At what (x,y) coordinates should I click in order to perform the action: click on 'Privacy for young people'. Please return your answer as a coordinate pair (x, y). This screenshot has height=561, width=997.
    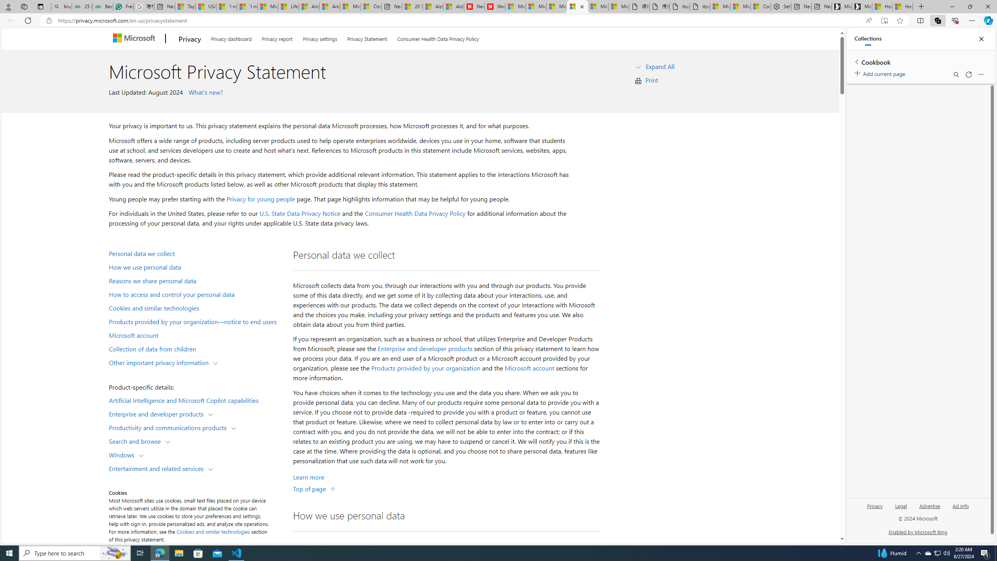
    Looking at the image, I should click on (260, 198).